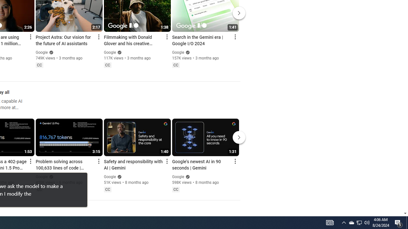 The width and height of the screenshot is (408, 229). Describe the element at coordinates (235, 161) in the screenshot. I see `'Action menu'` at that location.